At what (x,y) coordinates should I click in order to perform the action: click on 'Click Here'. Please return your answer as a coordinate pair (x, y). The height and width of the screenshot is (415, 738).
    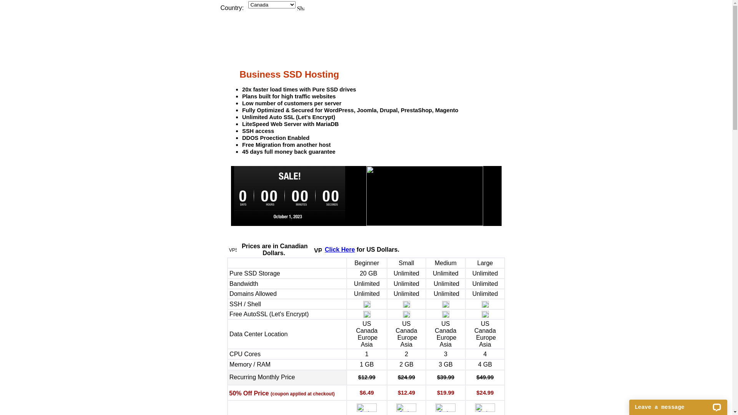
    Looking at the image, I should click on (324, 249).